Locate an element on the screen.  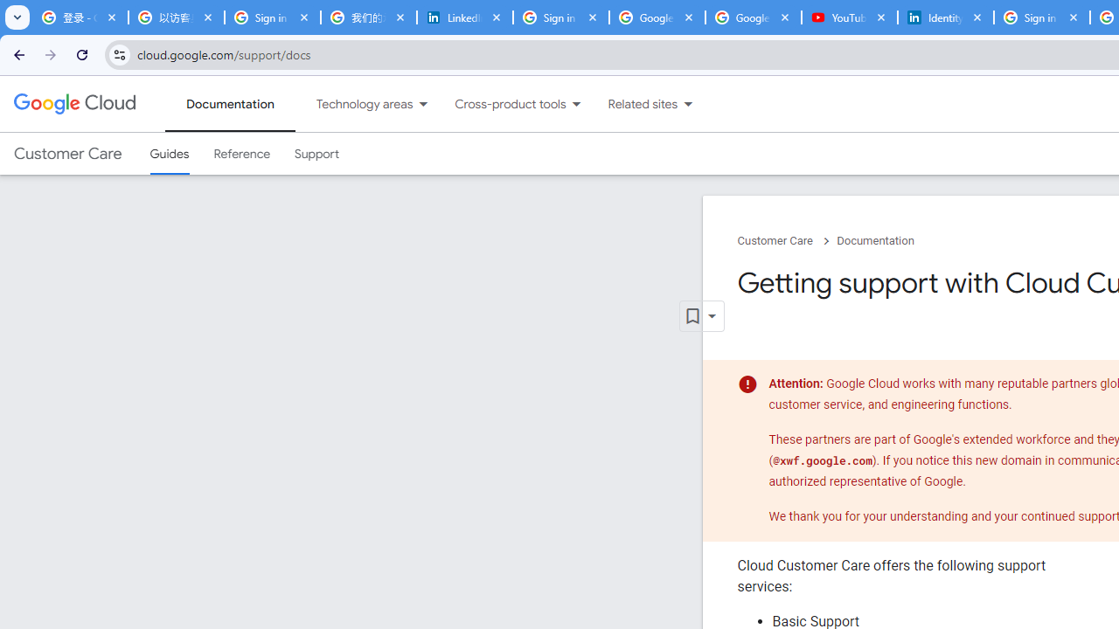
'Customer Care chevron_right' is located at coordinates (786, 241).